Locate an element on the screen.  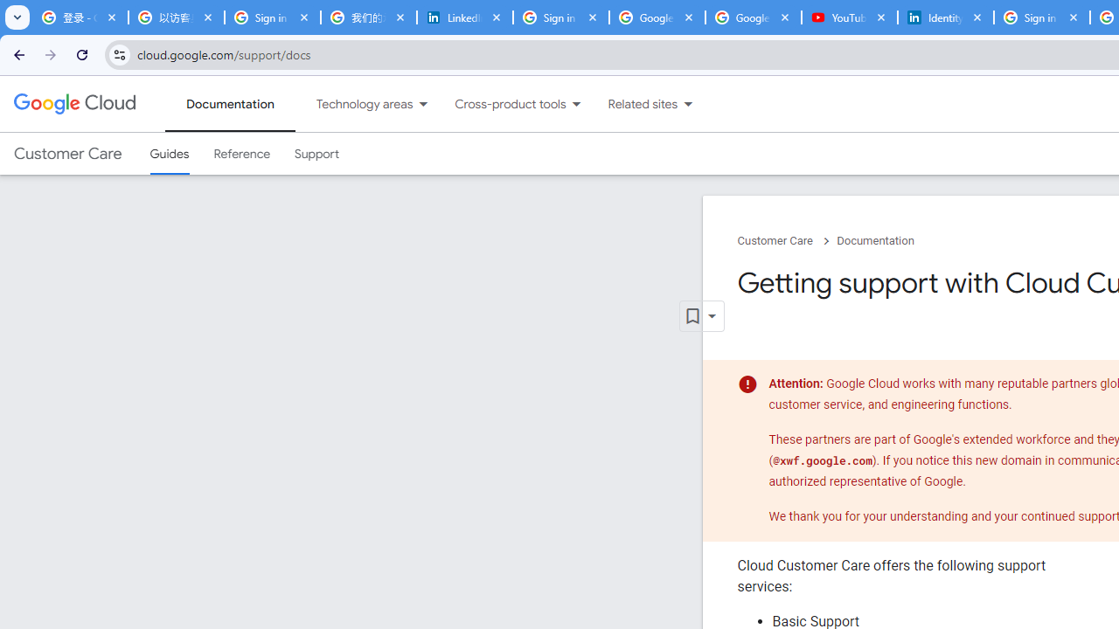
'Customer Care chevron_right' is located at coordinates (786, 241).